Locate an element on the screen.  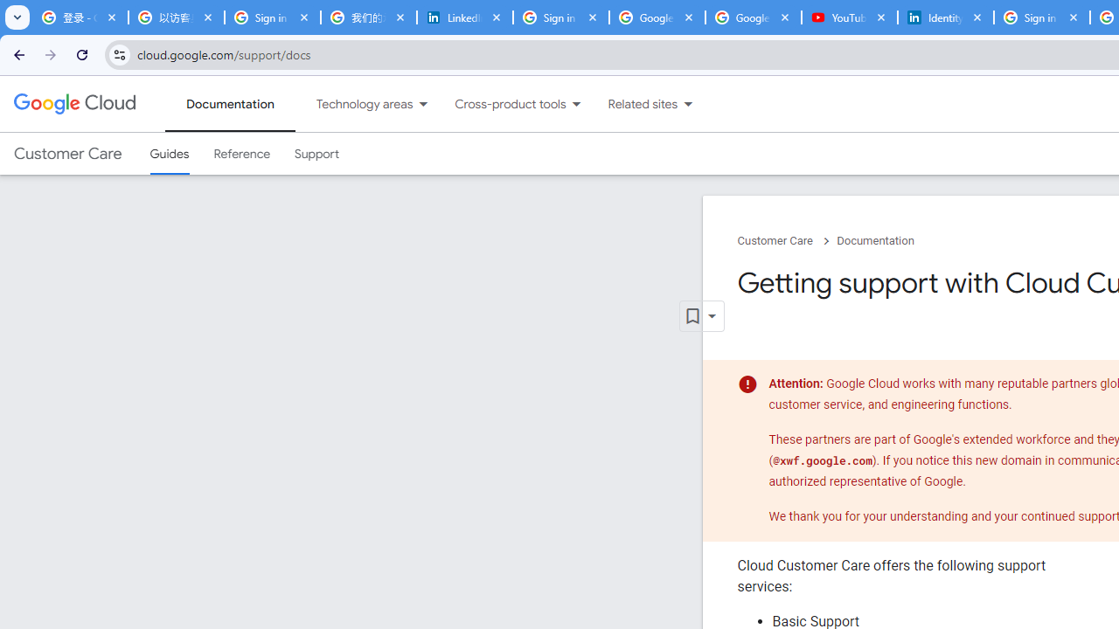
'Customer Care chevron_right' is located at coordinates (786, 241).